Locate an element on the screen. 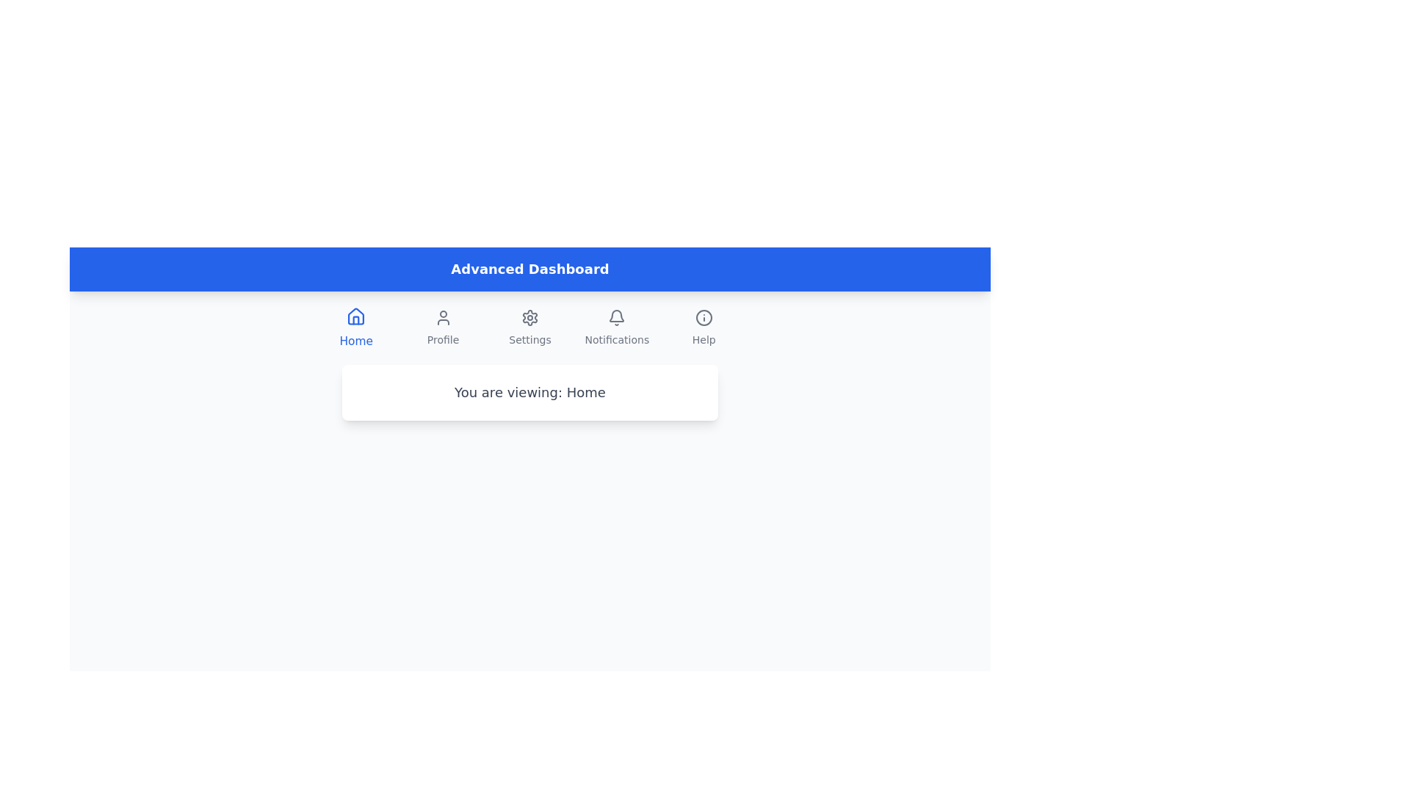 This screenshot has width=1410, height=793. the third button in the navigation bar labeled 'Settings' is located at coordinates (529, 327).